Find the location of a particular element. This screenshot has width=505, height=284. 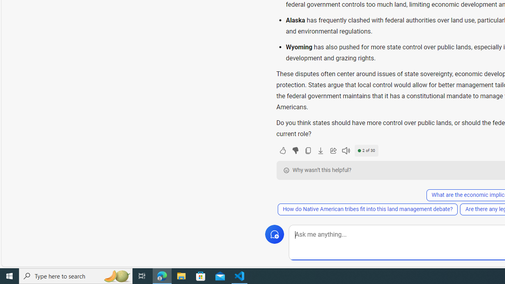

'Read aloud' is located at coordinates (346, 150).